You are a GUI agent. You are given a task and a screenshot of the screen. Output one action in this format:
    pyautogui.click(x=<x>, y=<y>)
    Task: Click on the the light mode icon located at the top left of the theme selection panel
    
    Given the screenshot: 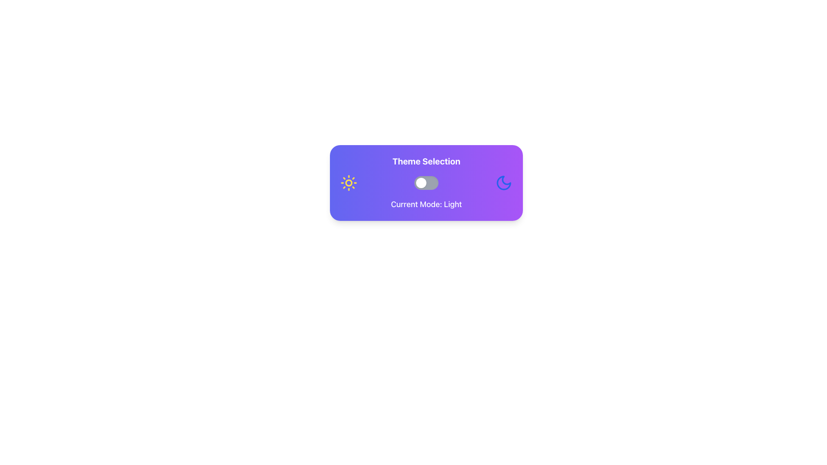 What is the action you would take?
    pyautogui.click(x=349, y=182)
    